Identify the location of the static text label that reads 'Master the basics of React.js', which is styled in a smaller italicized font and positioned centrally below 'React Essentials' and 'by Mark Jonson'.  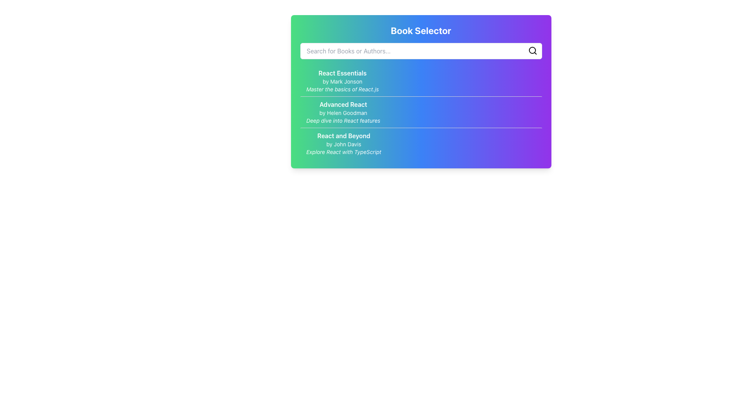
(342, 89).